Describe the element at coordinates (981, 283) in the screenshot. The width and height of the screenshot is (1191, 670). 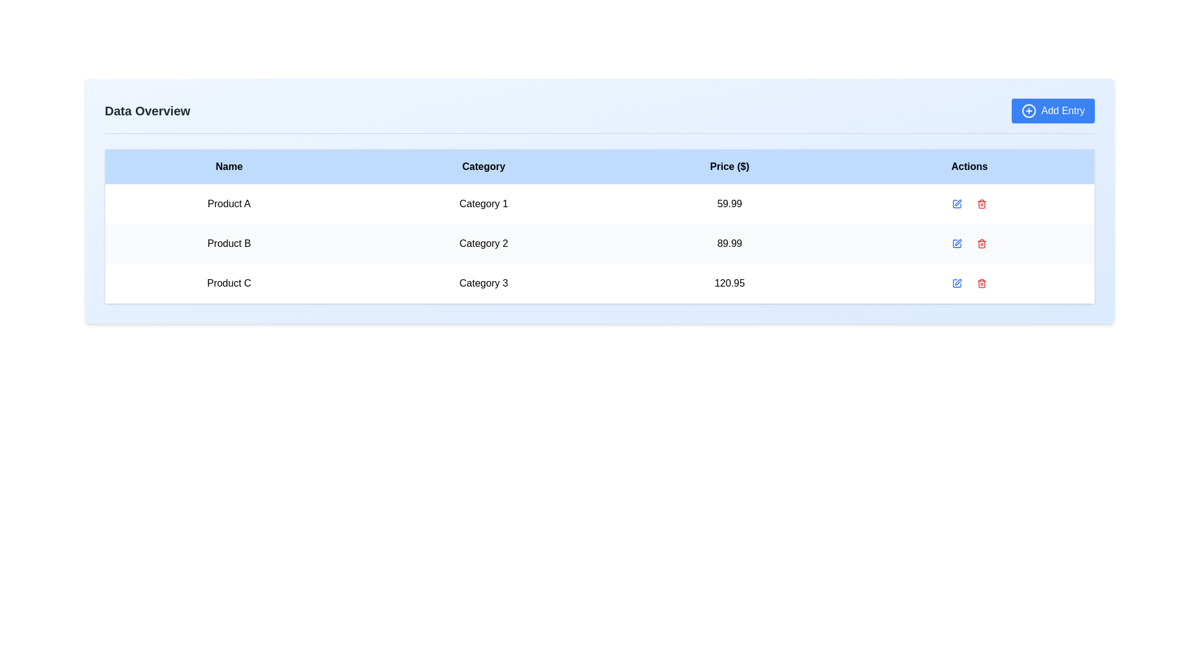
I see `the delete icon button located in the rightmost 'Actions' column of the third row in the table` at that location.